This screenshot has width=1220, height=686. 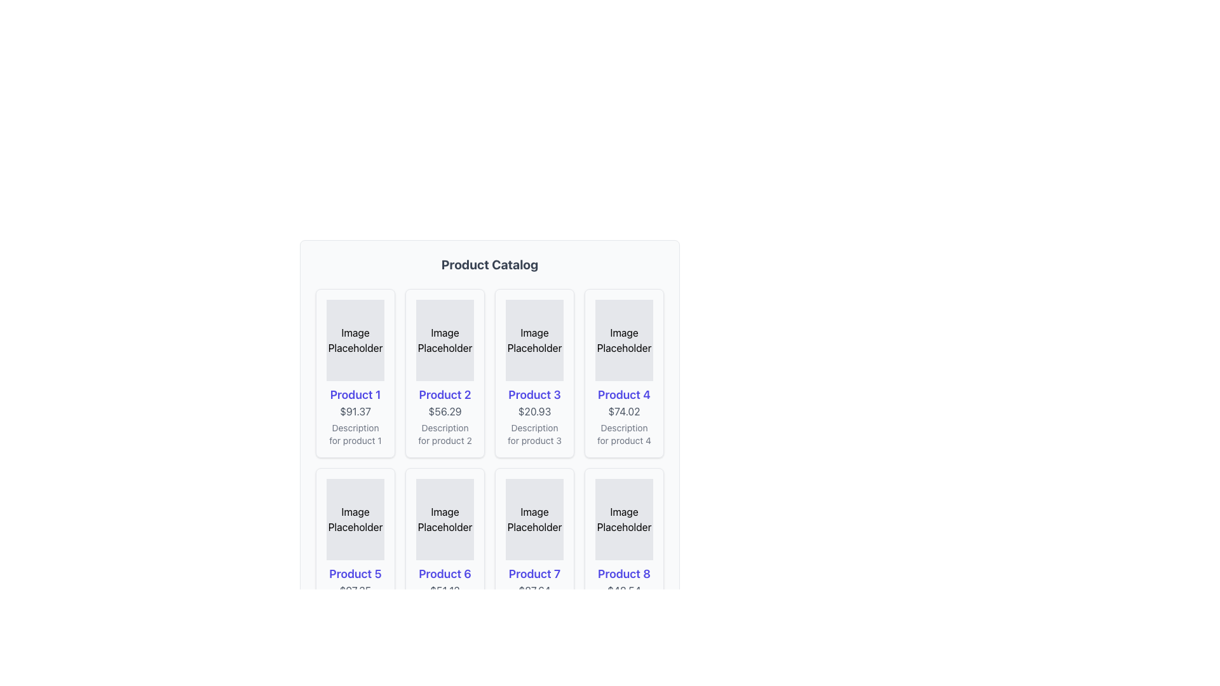 I want to click on the price text label of 'Product 5' located in the second row, first column of the product grid, which is centrally aligned below the product name and above the product description, so click(x=355, y=590).